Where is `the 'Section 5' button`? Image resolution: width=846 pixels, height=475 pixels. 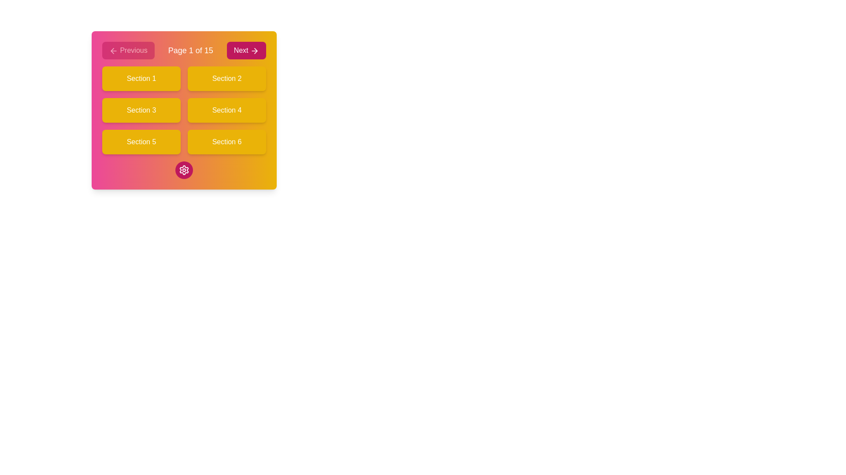
the 'Section 5' button is located at coordinates (141, 142).